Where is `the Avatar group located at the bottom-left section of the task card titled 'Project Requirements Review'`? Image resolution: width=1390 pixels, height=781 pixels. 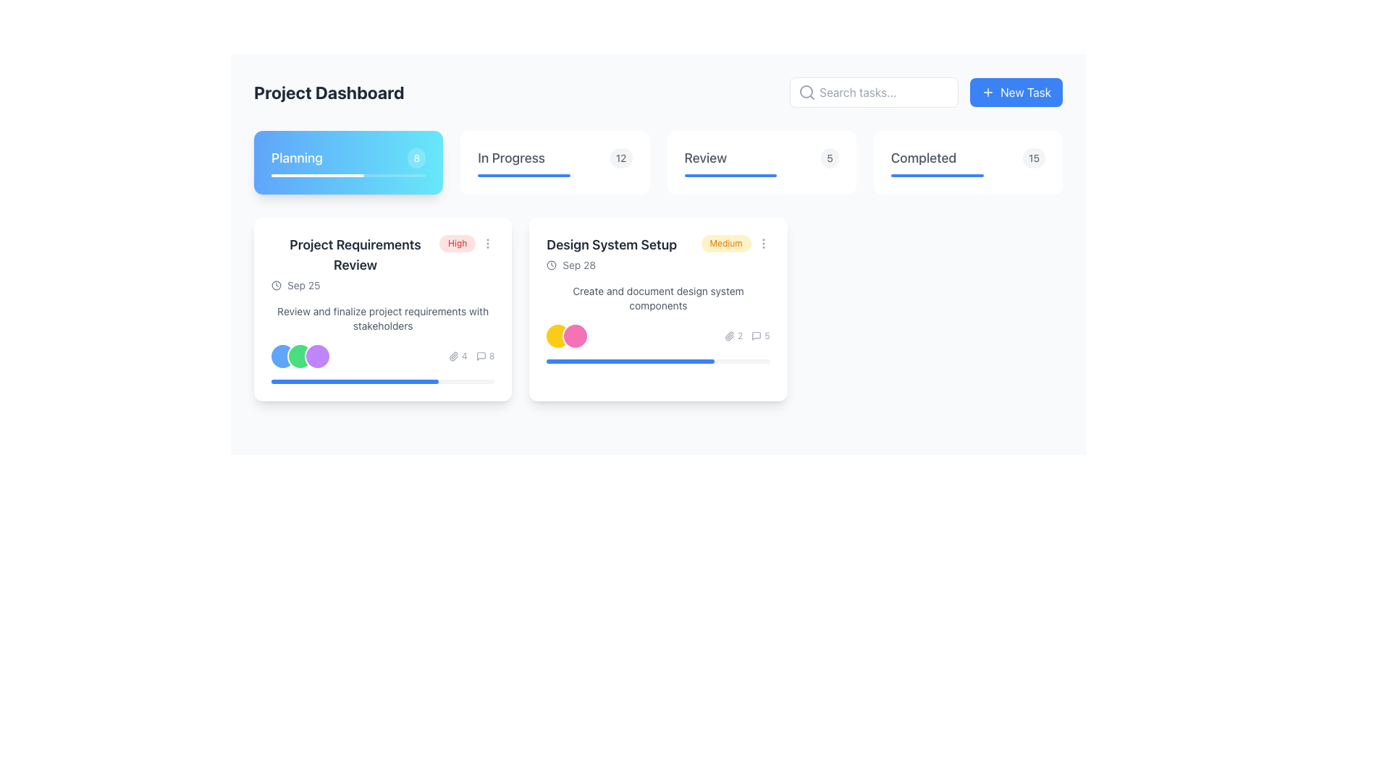 the Avatar group located at the bottom-left section of the task card titled 'Project Requirements Review' is located at coordinates (299, 357).